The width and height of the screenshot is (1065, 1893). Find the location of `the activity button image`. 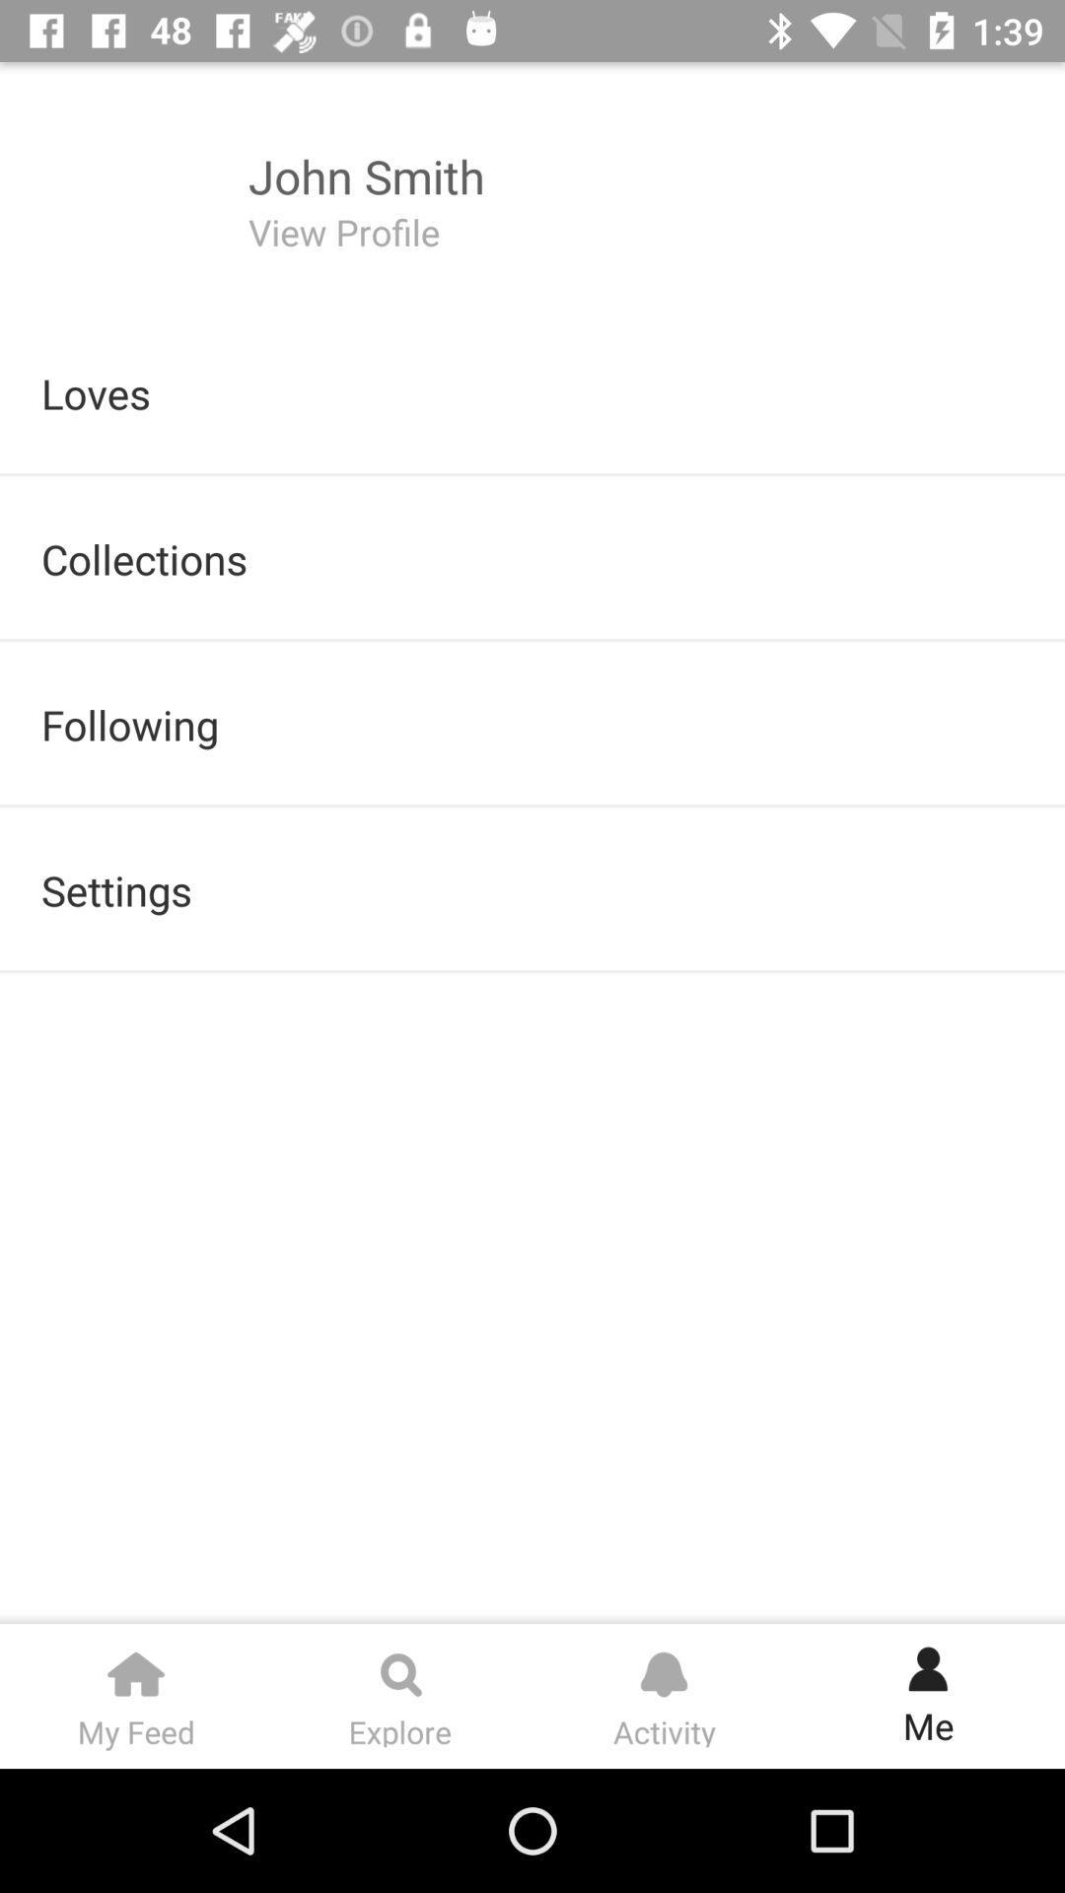

the activity button image is located at coordinates (664, 1664).